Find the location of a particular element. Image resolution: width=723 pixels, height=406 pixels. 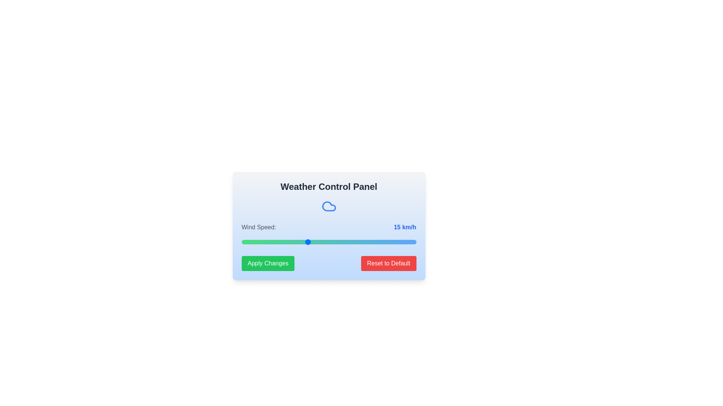

the wind speed slider to set the wind speed to 32 km/h is located at coordinates (381, 242).